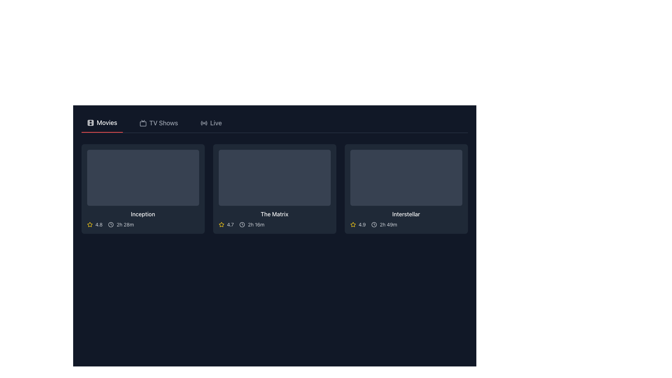 The width and height of the screenshot is (672, 378). What do you see at coordinates (98, 224) in the screenshot?
I see `text content of the label displaying '4.8', which is located to the right of a yellow star icon in the movie 'Inception' section` at bounding box center [98, 224].